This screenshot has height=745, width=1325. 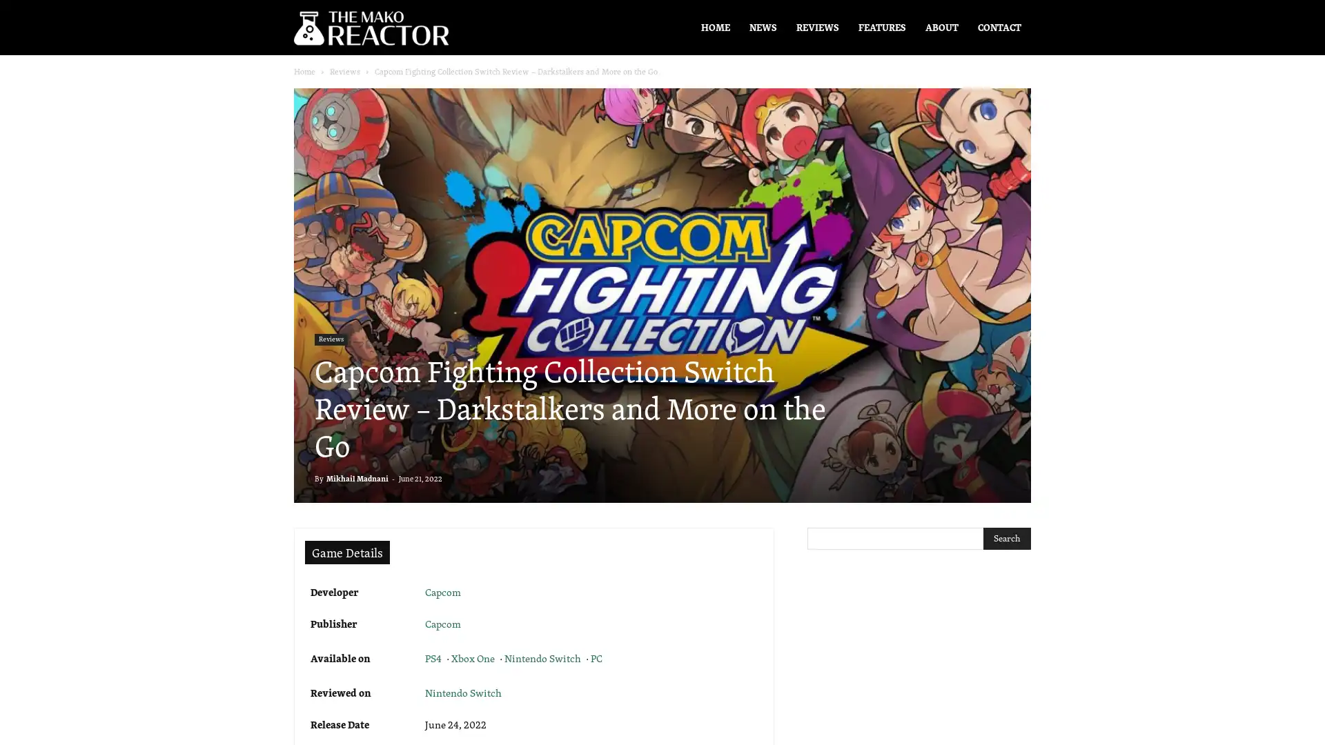 I want to click on Search, so click(x=1007, y=537).